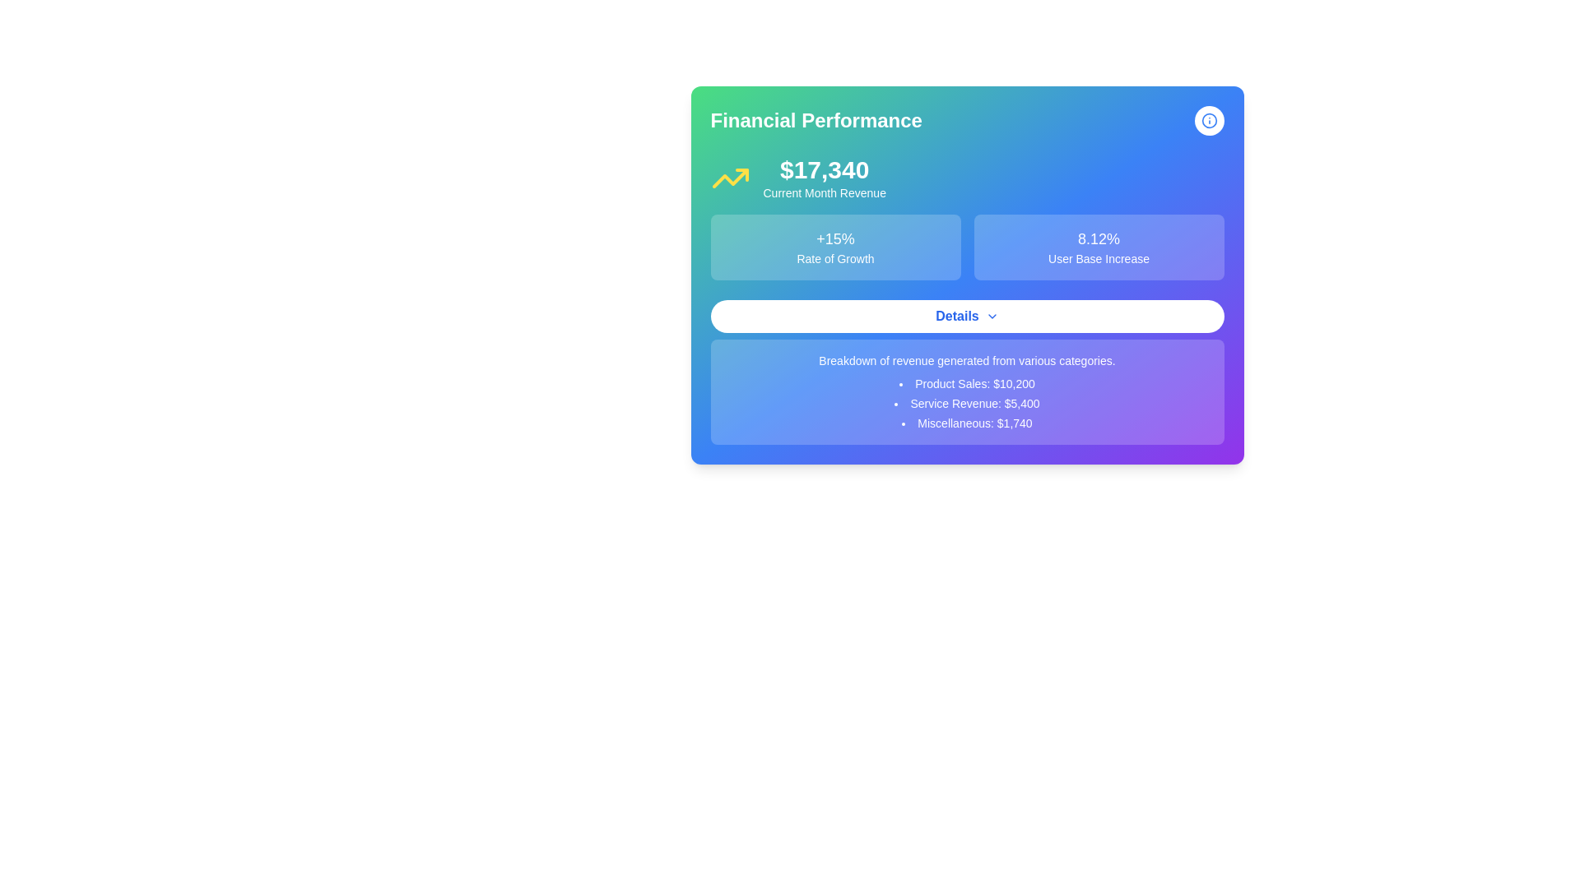 This screenshot has width=1580, height=888. Describe the element at coordinates (991, 317) in the screenshot. I see `the downward-pointing chevron icon located to the right of the 'Details' text` at that location.